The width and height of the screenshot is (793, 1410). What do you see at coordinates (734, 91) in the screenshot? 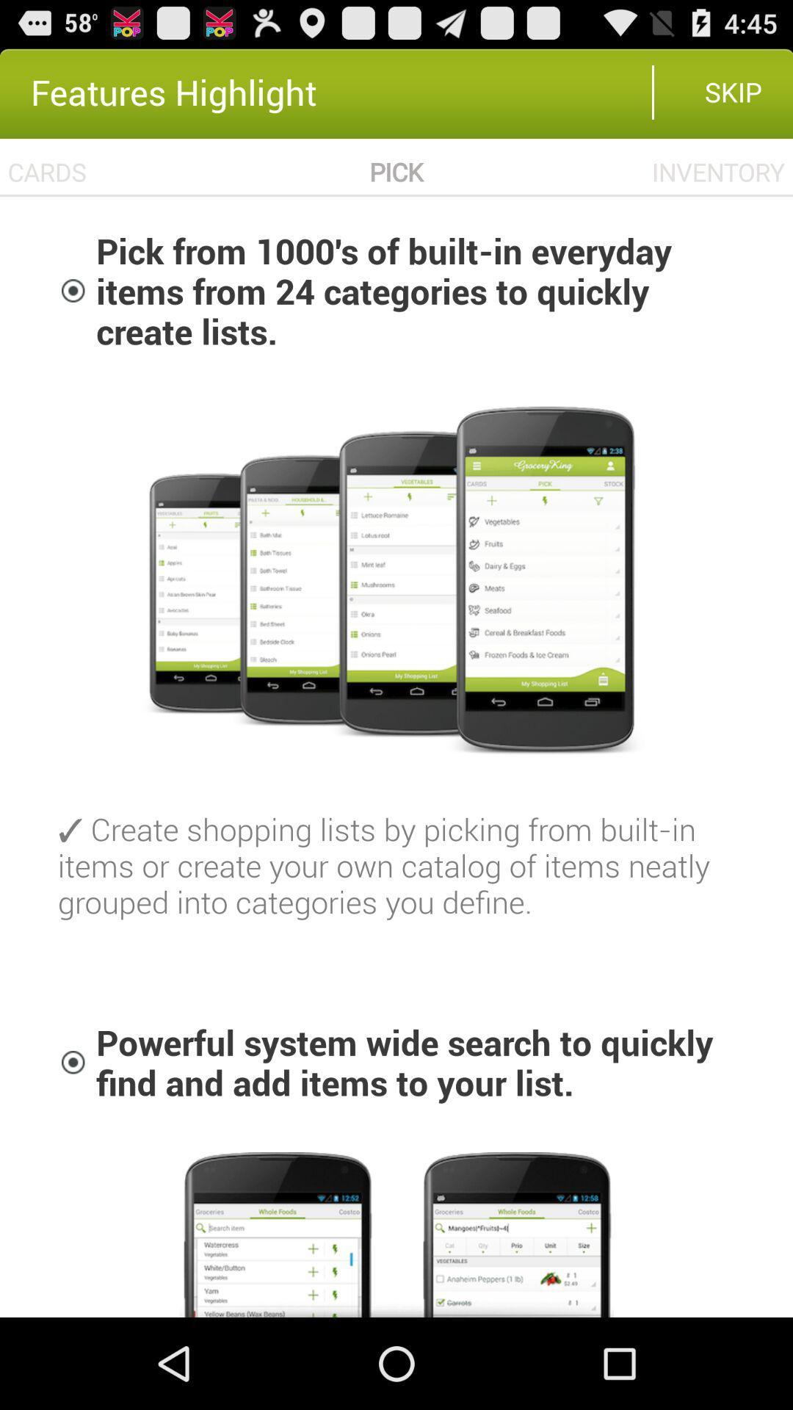
I see `the skip item` at bounding box center [734, 91].